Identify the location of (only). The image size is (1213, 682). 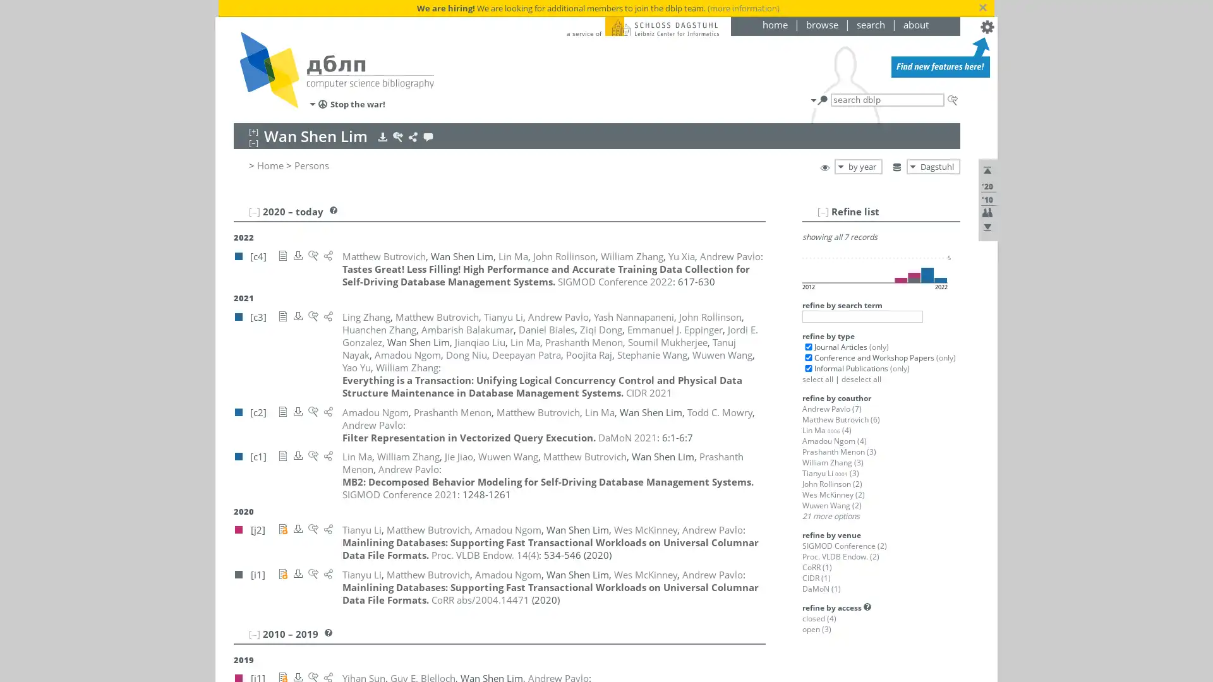
(898, 368).